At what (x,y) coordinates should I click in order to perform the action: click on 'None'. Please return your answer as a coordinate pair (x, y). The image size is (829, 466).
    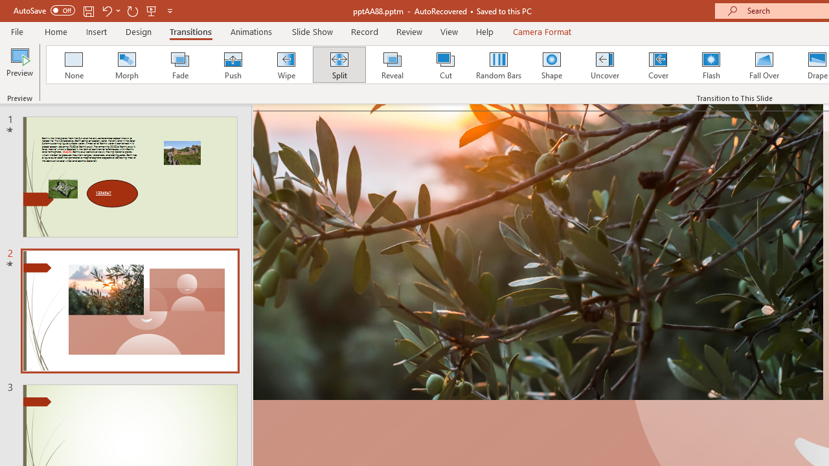
    Looking at the image, I should click on (73, 65).